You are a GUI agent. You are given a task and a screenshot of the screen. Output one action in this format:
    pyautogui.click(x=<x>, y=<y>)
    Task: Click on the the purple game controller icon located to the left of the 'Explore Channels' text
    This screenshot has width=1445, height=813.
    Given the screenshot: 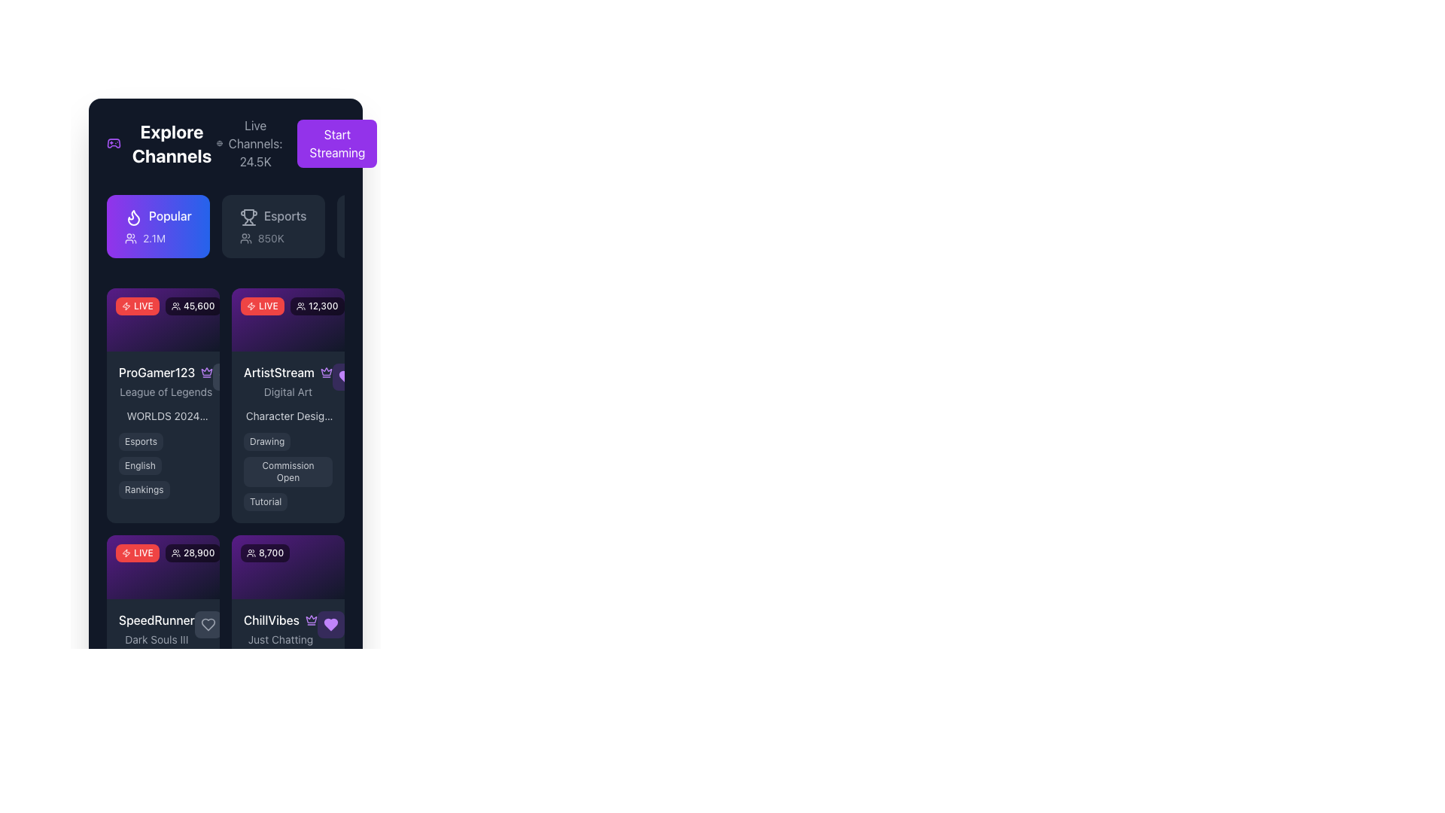 What is the action you would take?
    pyautogui.click(x=113, y=144)
    